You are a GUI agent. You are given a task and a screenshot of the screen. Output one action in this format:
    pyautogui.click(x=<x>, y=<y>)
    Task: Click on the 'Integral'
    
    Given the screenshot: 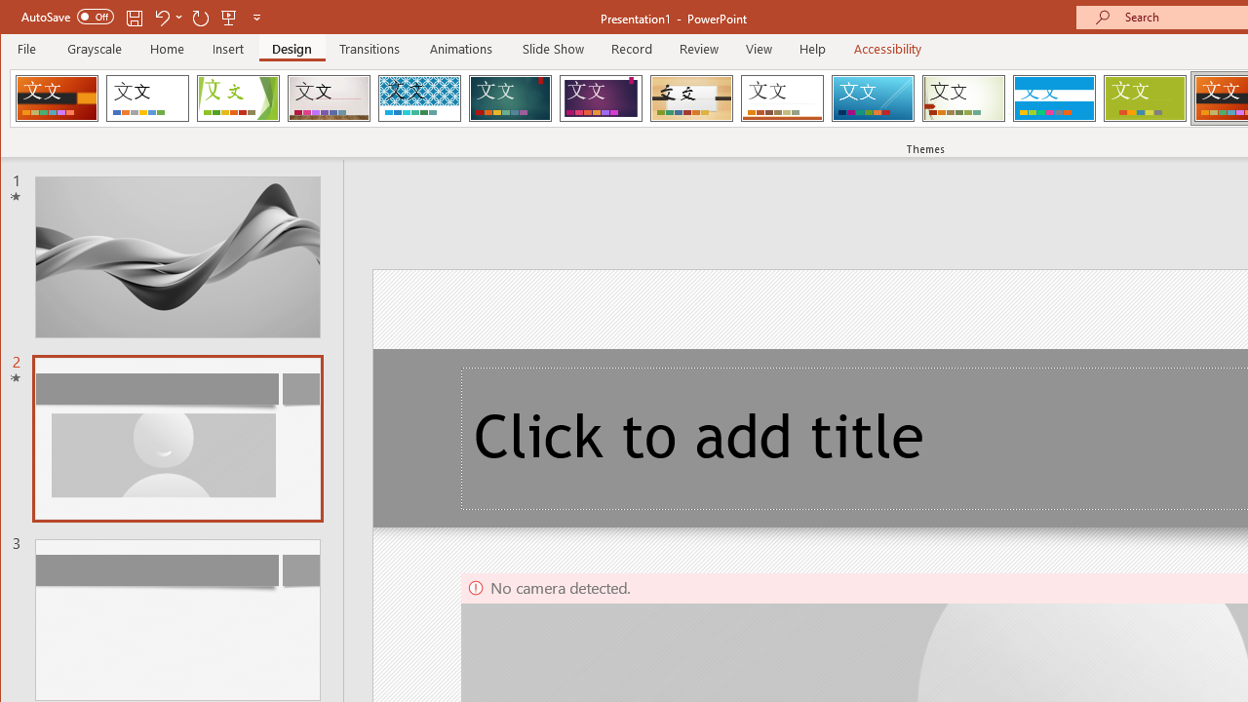 What is the action you would take?
    pyautogui.click(x=418, y=97)
    